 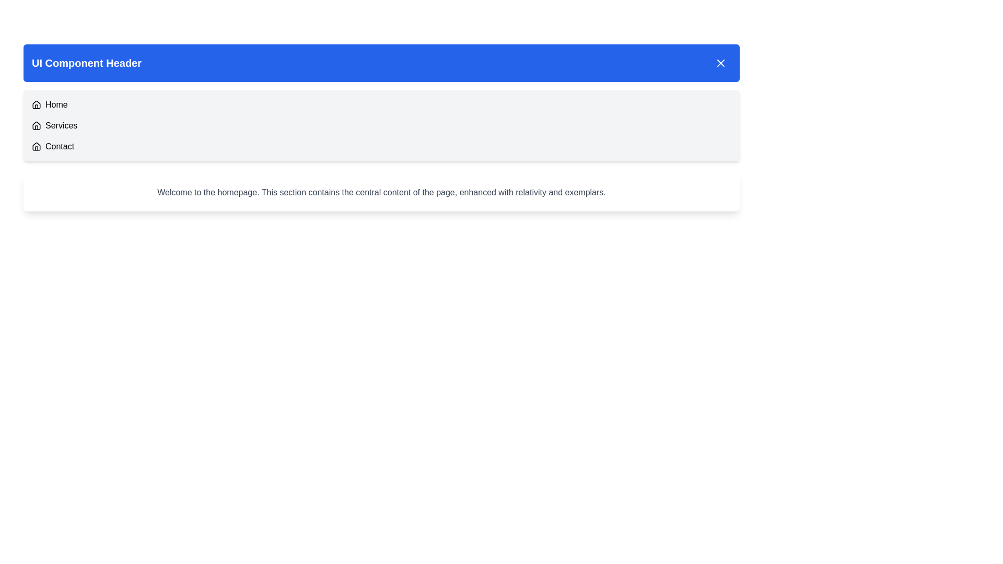 I want to click on the house-shaped icon with a black outline that is positioned next to the 'Home' text, so click(x=37, y=104).